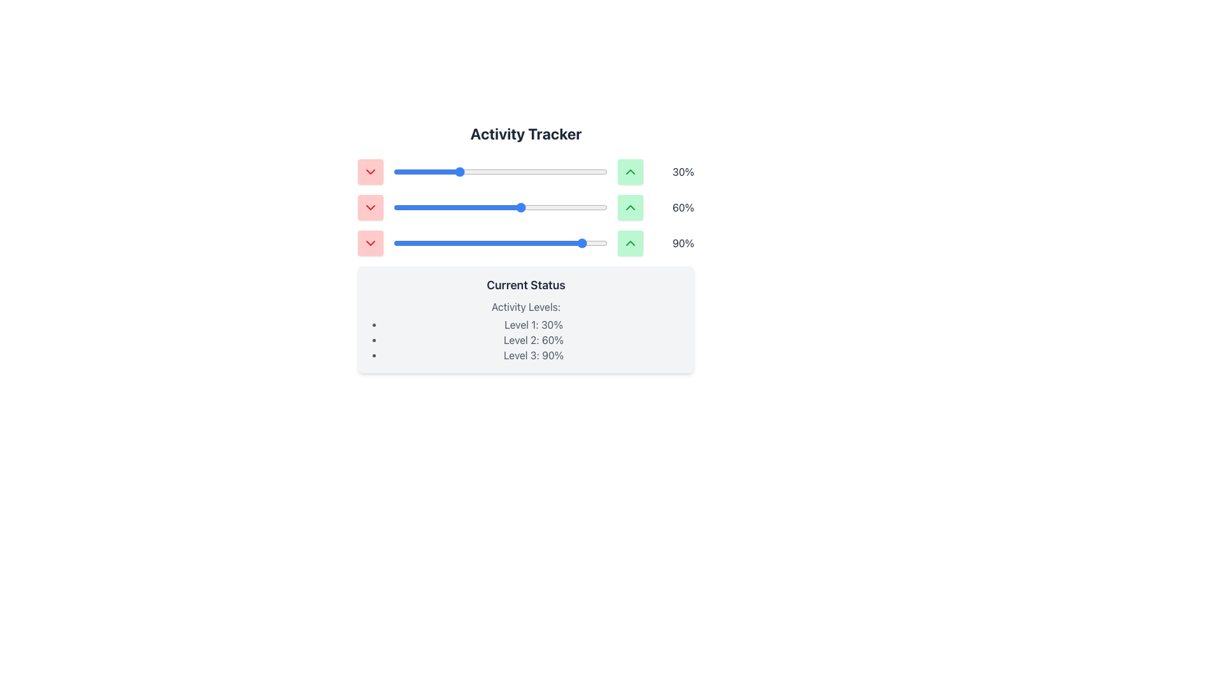  Describe the element at coordinates (369, 172) in the screenshot. I see `the downward-pointing chevron icon with a bold red stroke, located on the left side of the interface` at that location.